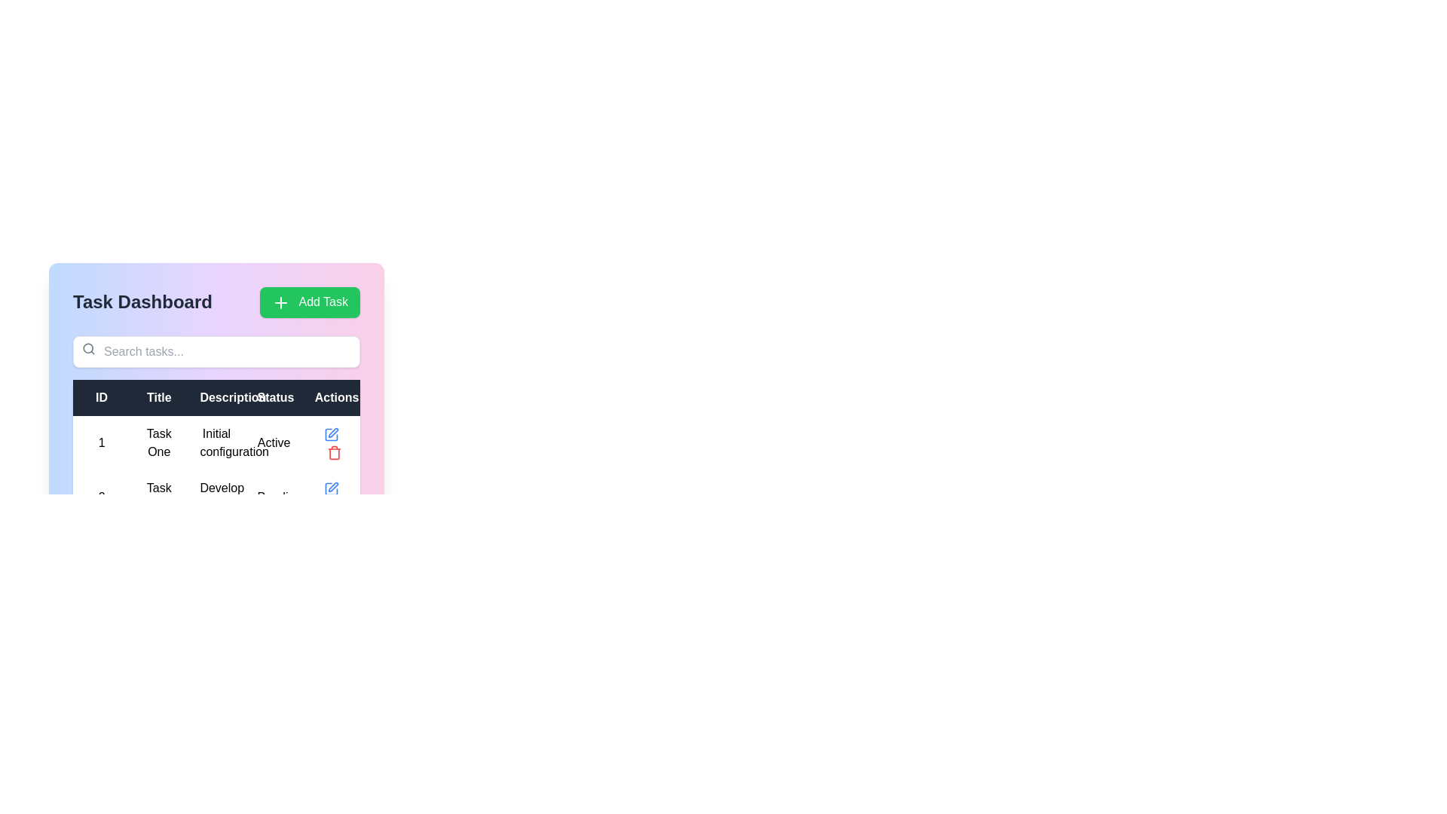  I want to click on the pencil icon/button with a blue outline located in the 'Actions' column of the task table, to the right of the row corresponding to 'Task One', so click(330, 434).